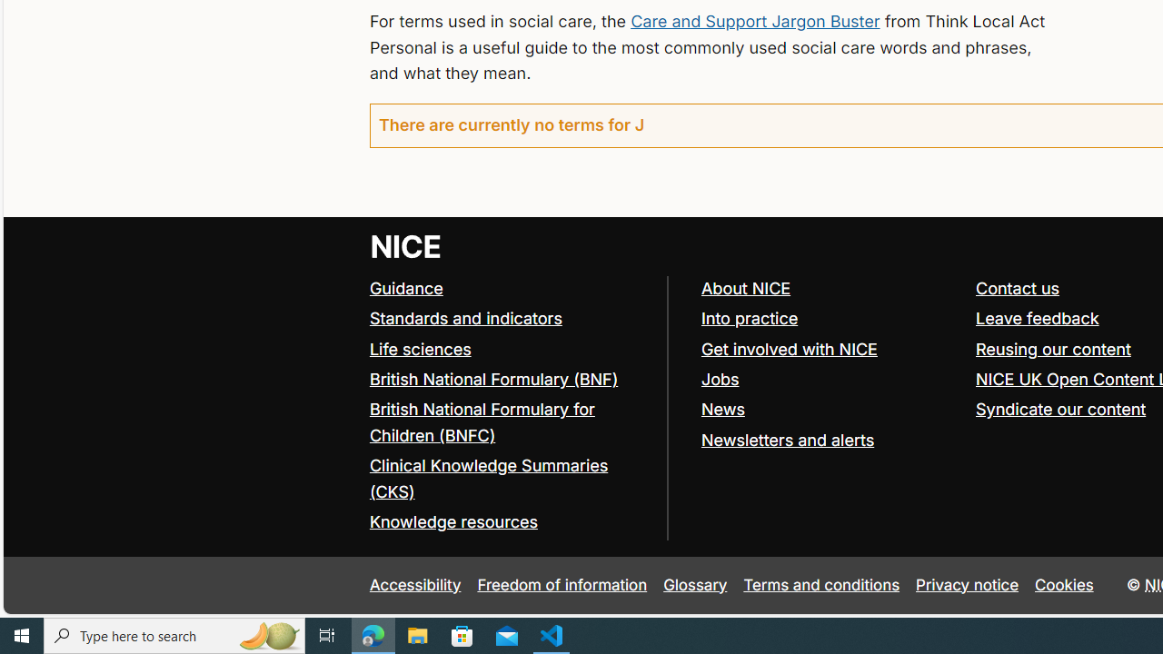  I want to click on 'Contact us', so click(1018, 287).